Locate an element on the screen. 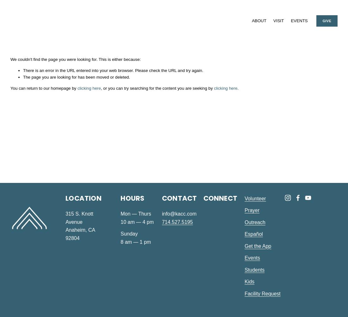 Image resolution: width=348 pixels, height=317 pixels. 'We couldn't find the page you were looking for. This is either because:' is located at coordinates (76, 59).